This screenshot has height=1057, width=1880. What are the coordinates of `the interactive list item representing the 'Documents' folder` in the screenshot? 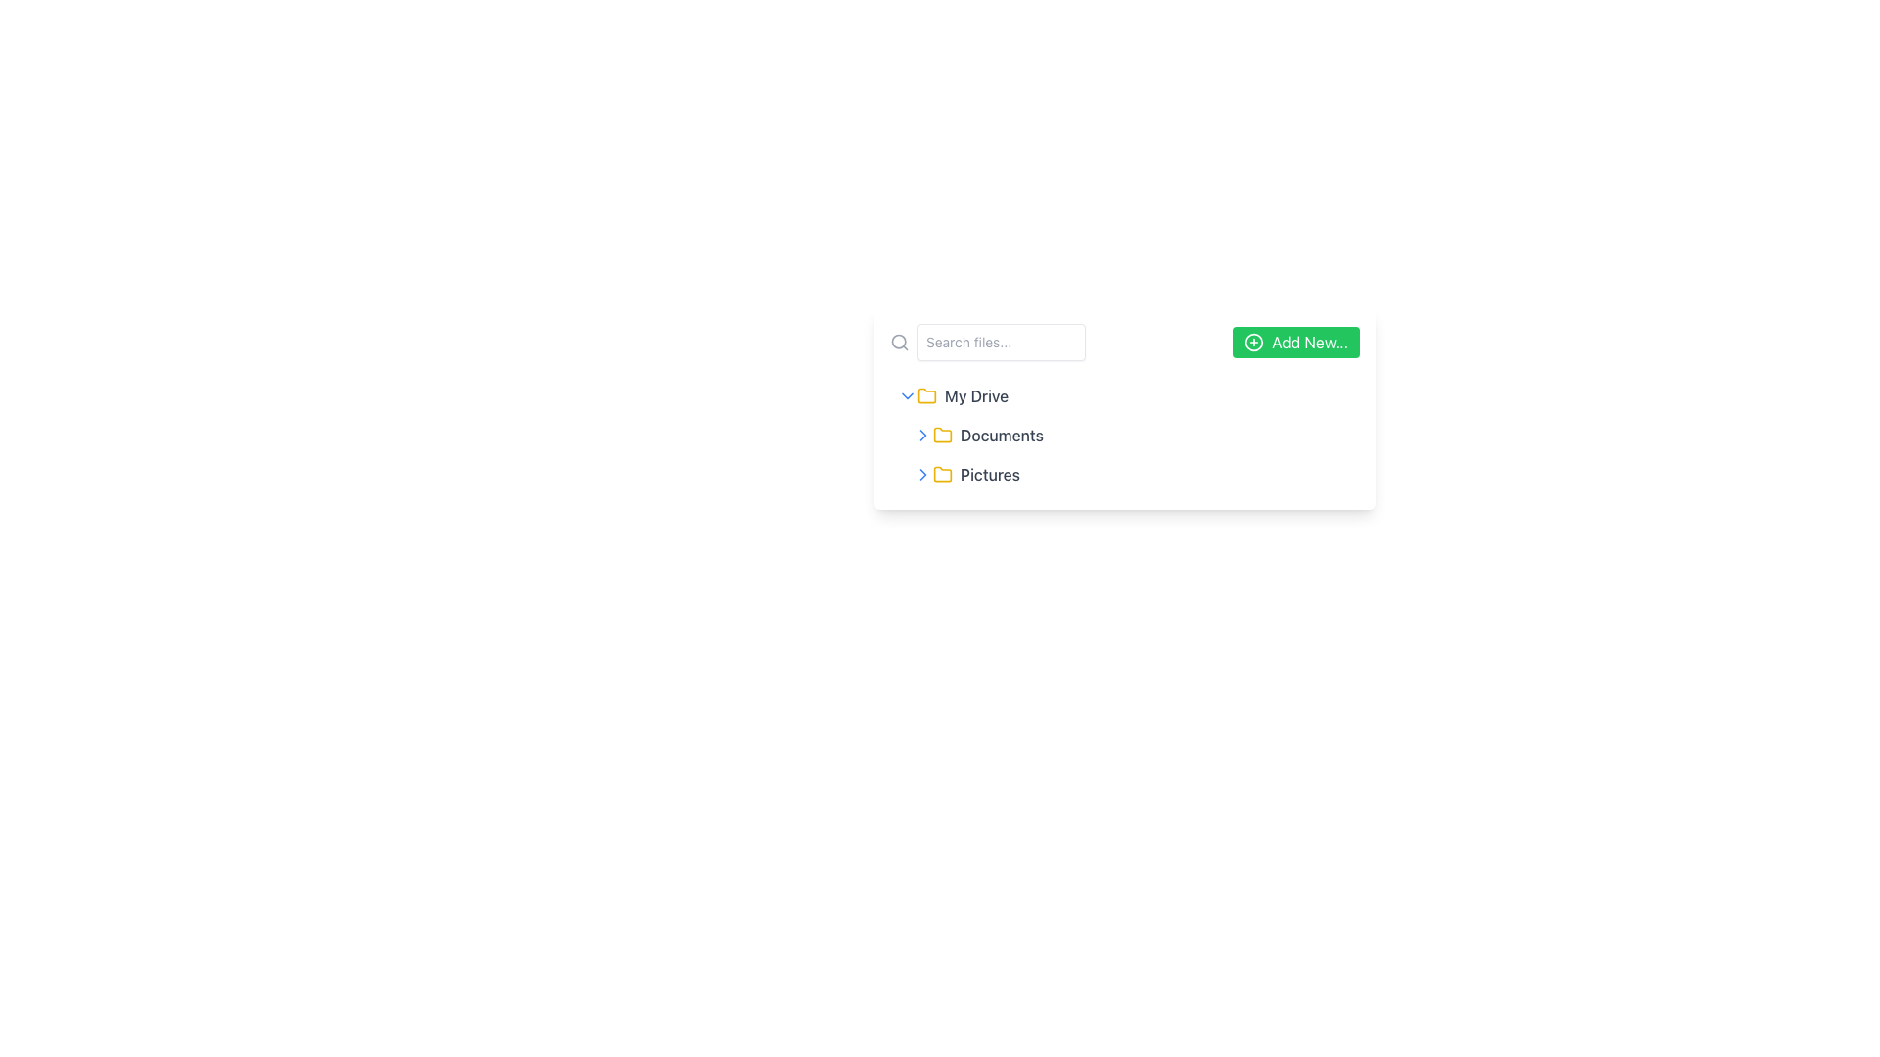 It's located at (1132, 434).